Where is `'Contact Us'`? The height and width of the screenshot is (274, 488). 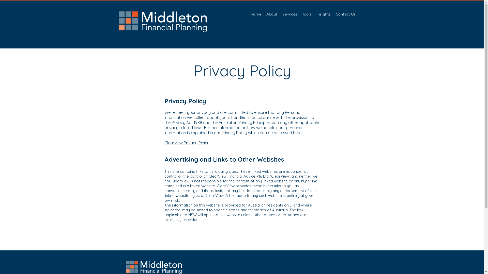 'Contact Us' is located at coordinates (345, 14).